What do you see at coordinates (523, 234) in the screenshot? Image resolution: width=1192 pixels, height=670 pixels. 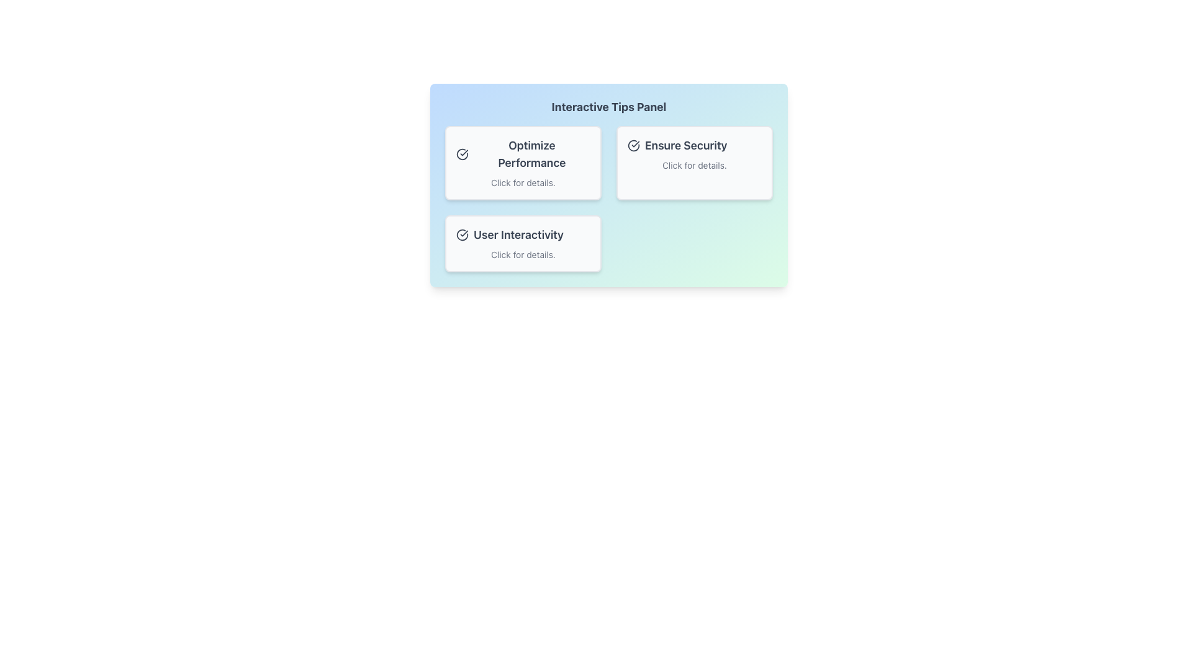 I see `the static text label 'User Interactivity' with a checkmark icon to its left, which is located in the bottom left box of the grid` at bounding box center [523, 234].